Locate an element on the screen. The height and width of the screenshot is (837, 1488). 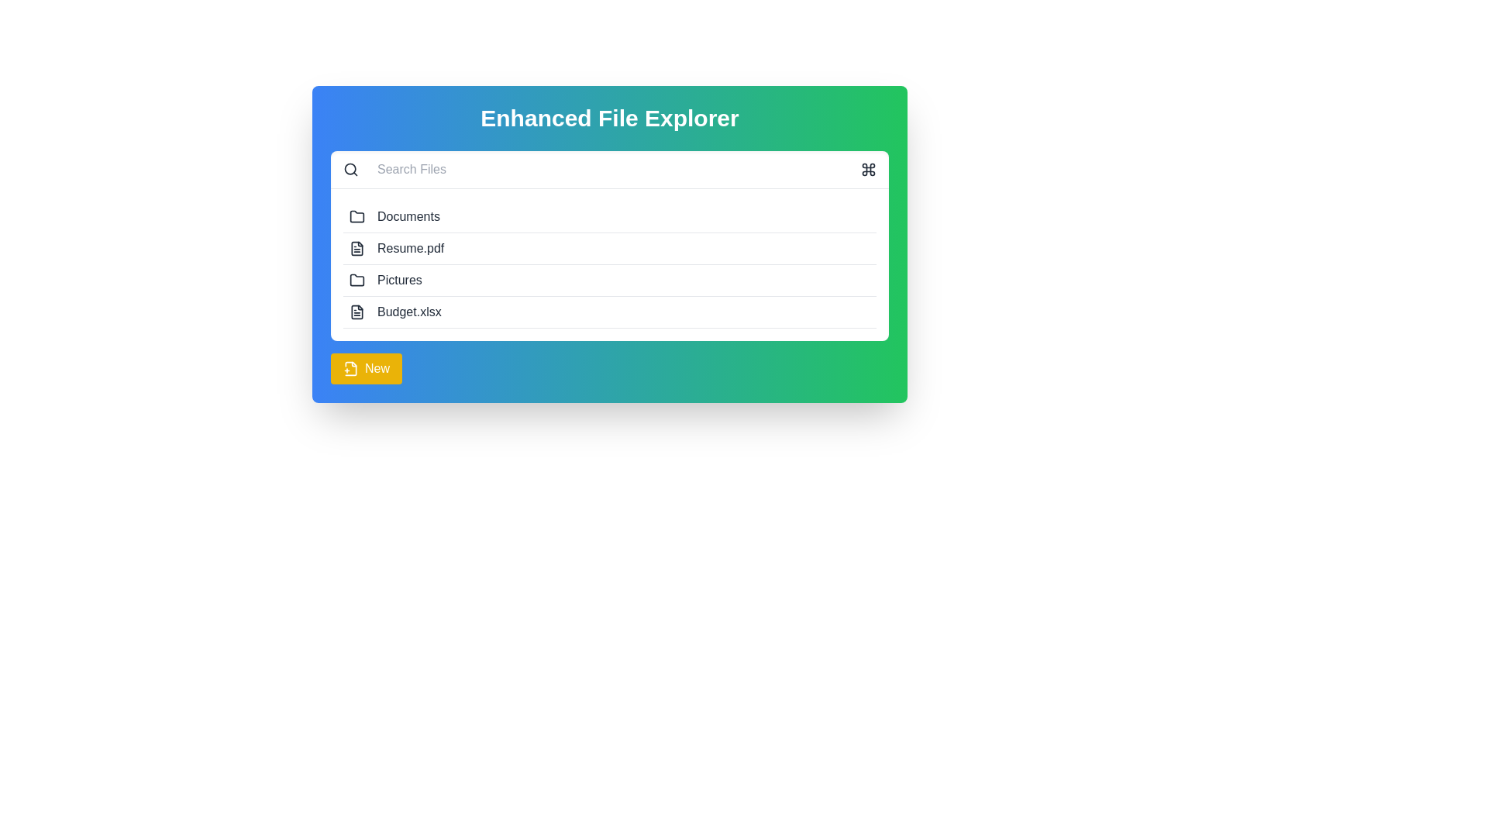
the document icon located to the left of the 'Resume.pdf' text in the file listing section is located at coordinates (356, 247).